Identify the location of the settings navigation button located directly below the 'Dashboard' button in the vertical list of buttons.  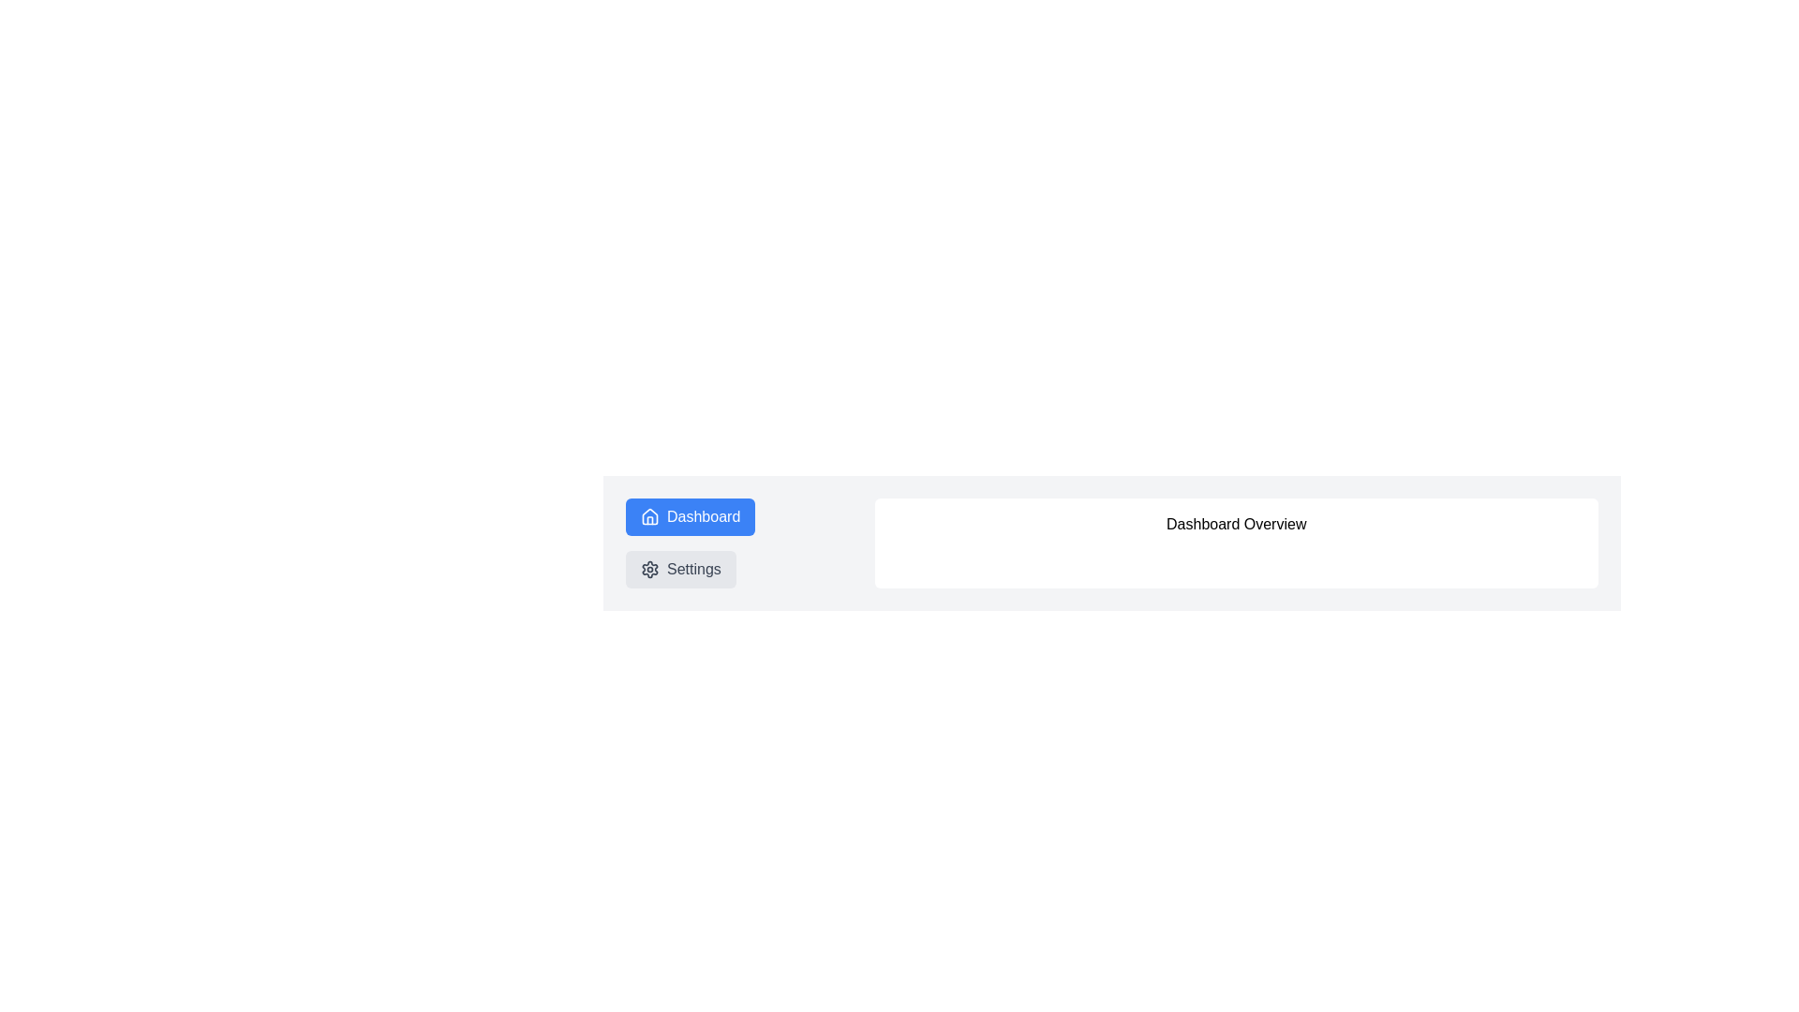
(679, 569).